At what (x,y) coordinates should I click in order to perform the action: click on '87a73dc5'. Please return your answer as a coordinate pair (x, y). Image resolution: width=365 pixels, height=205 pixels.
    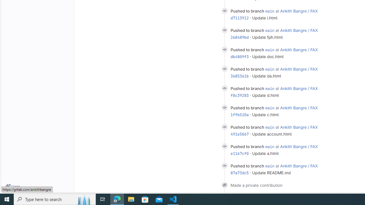
    Looking at the image, I should click on (240, 173).